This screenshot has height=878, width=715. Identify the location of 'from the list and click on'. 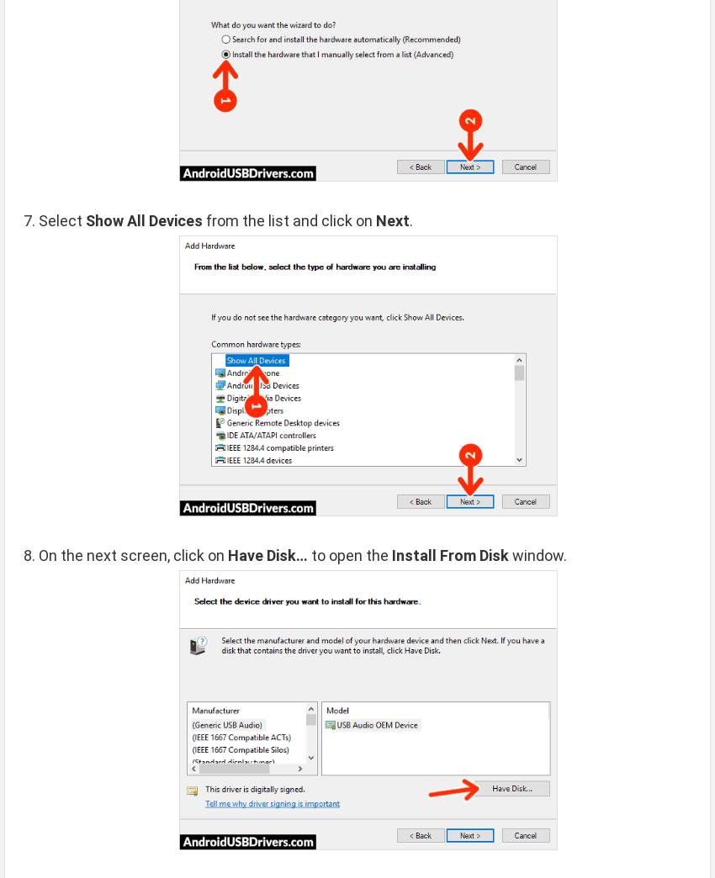
(288, 219).